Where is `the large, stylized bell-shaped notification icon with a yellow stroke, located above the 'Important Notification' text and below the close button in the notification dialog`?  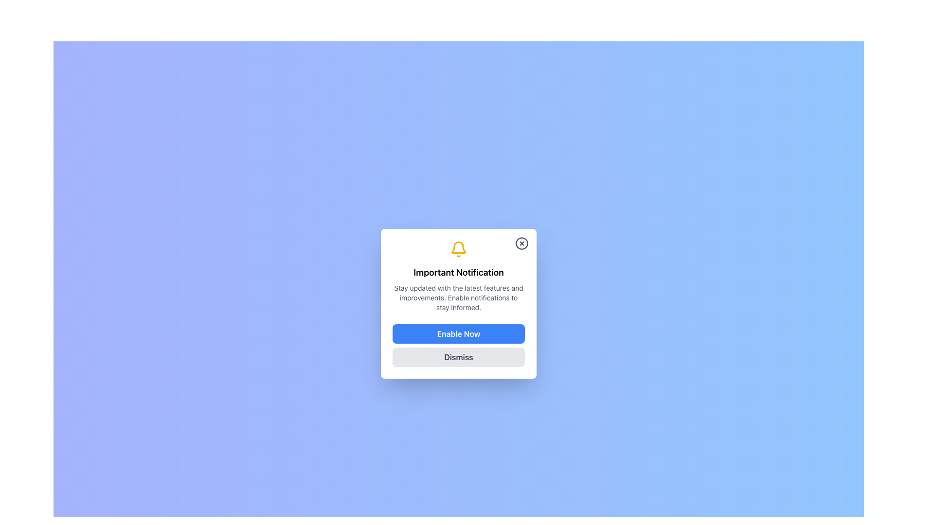
the large, stylized bell-shaped notification icon with a yellow stroke, located above the 'Important Notification' text and below the close button in the notification dialog is located at coordinates (458, 247).